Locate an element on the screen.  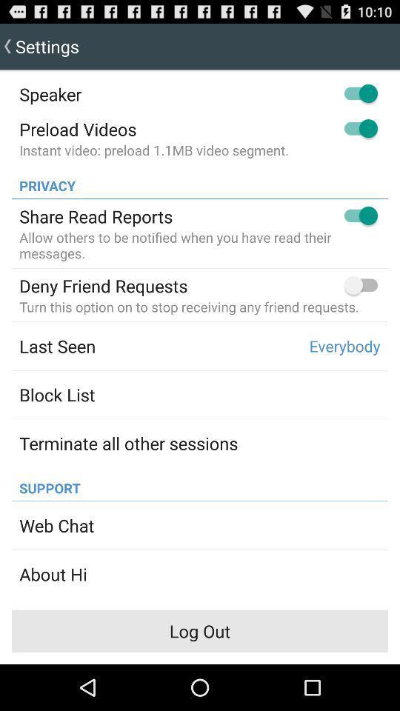
the allow others to item is located at coordinates (200, 245).